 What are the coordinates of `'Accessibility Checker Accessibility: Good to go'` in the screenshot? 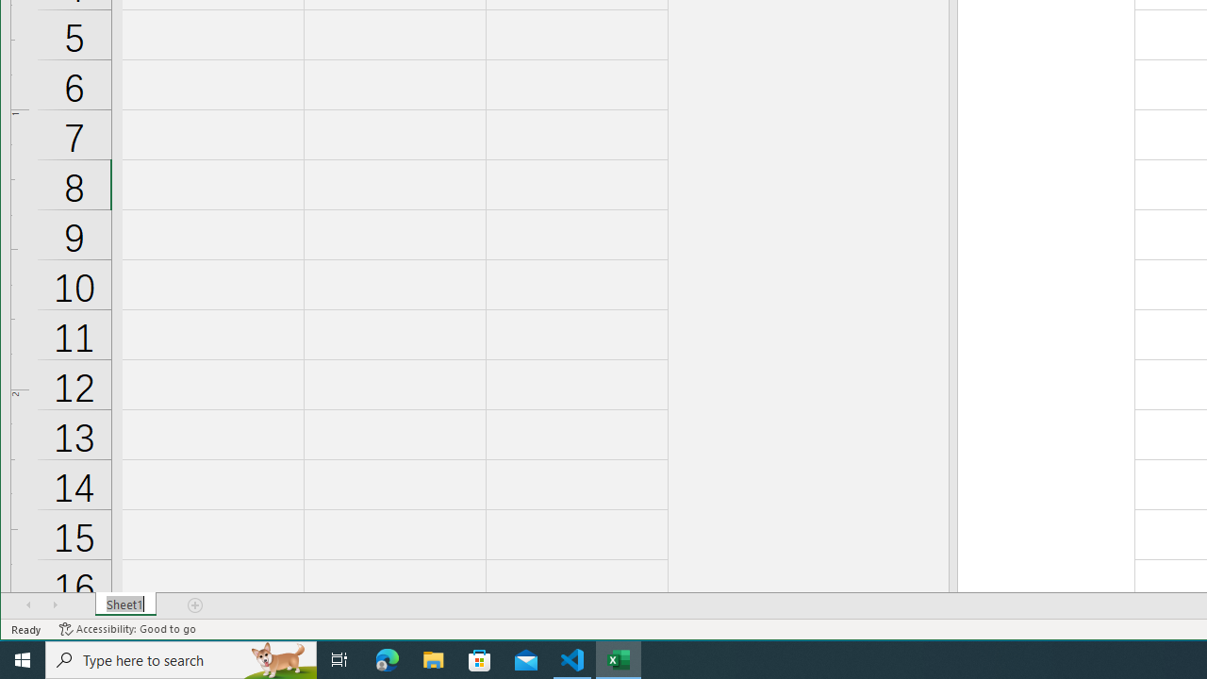 It's located at (126, 629).